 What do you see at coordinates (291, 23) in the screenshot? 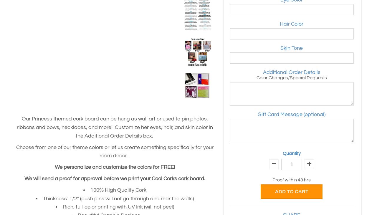
I see `'Hair Color'` at bounding box center [291, 23].